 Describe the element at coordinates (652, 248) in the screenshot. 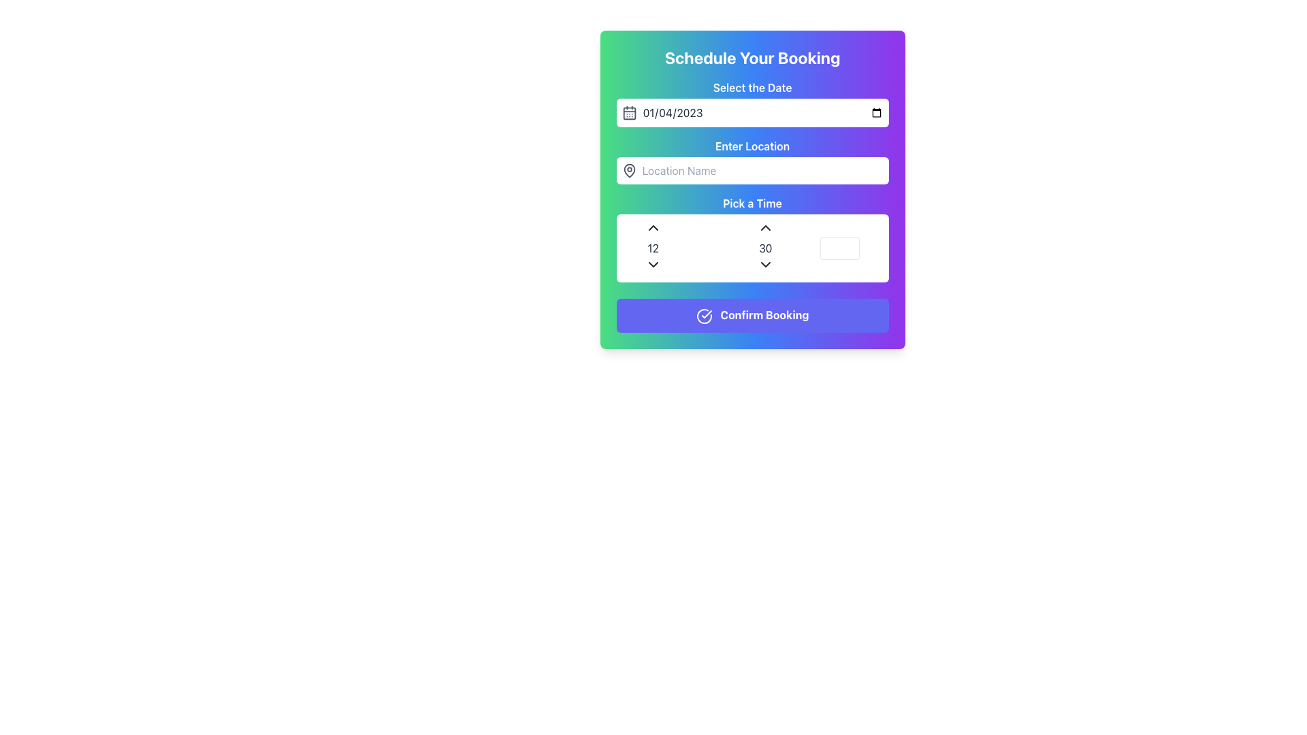

I see `the adjacent arrow icons to modify the hour component displayed in the time selection interface located in the left half of the form card` at that location.